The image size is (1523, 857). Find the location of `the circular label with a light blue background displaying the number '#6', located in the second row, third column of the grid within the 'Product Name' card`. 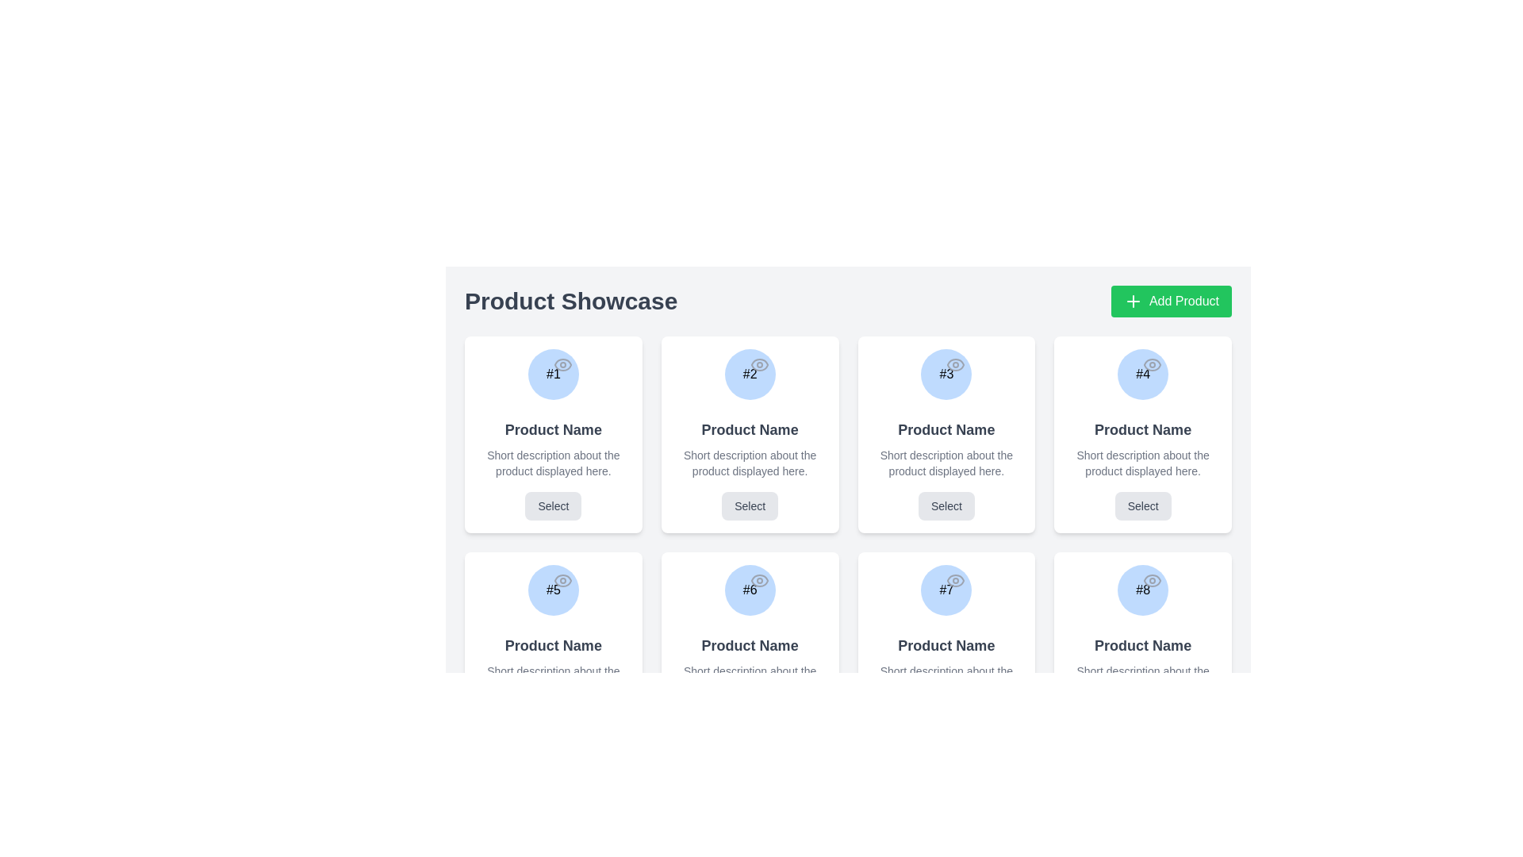

the circular label with a light blue background displaying the number '#6', located in the second row, third column of the grid within the 'Product Name' card is located at coordinates (749, 590).